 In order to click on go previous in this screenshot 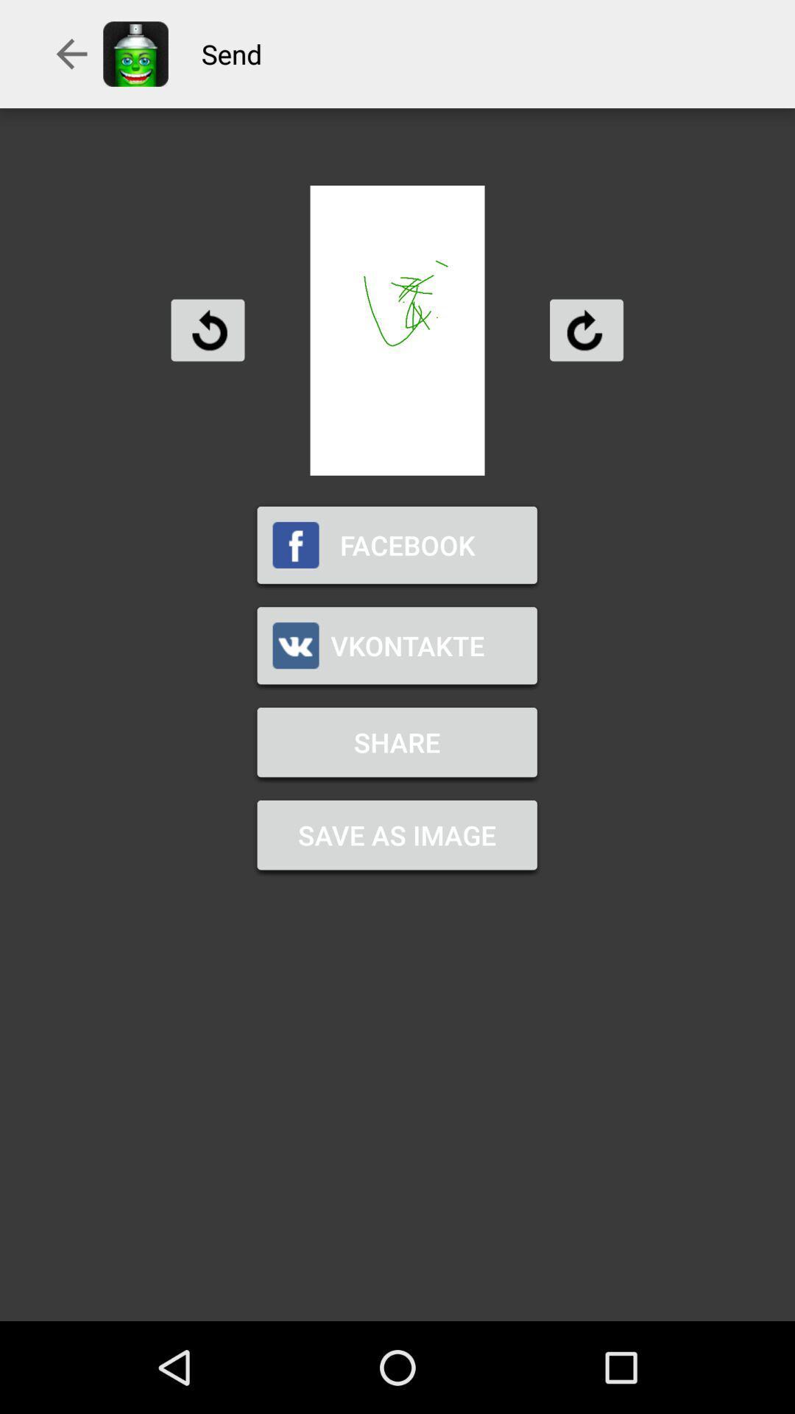, I will do `click(208, 329)`.